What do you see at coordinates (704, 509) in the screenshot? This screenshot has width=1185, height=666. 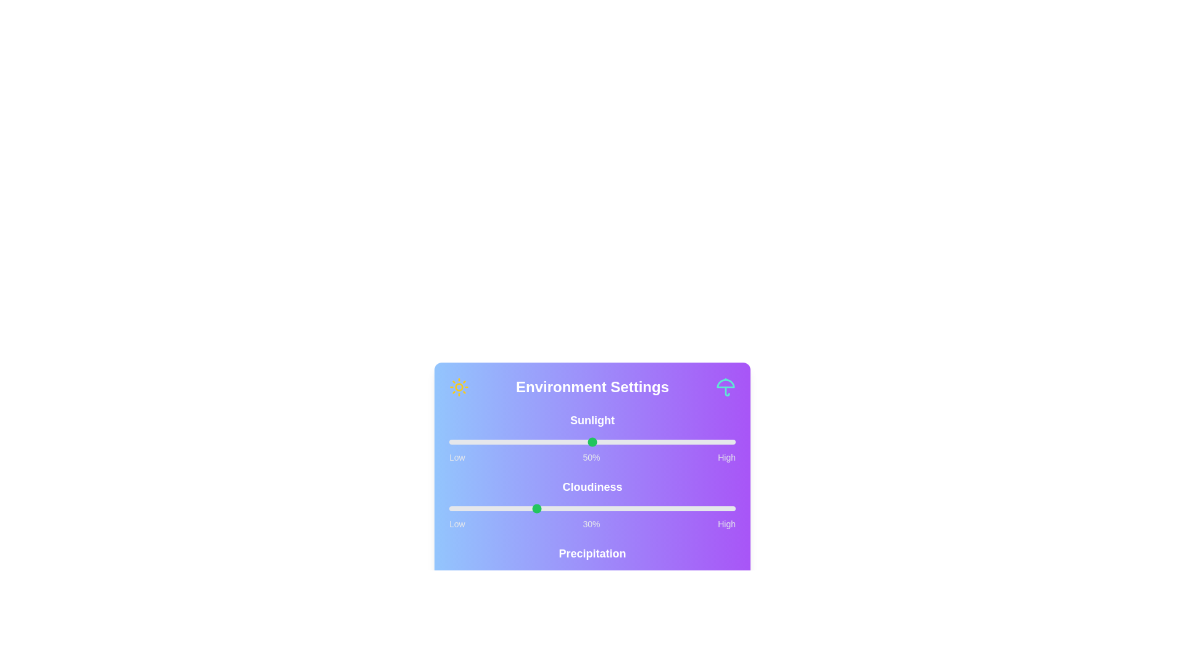 I see `the cloudiness slider to 89%` at bounding box center [704, 509].